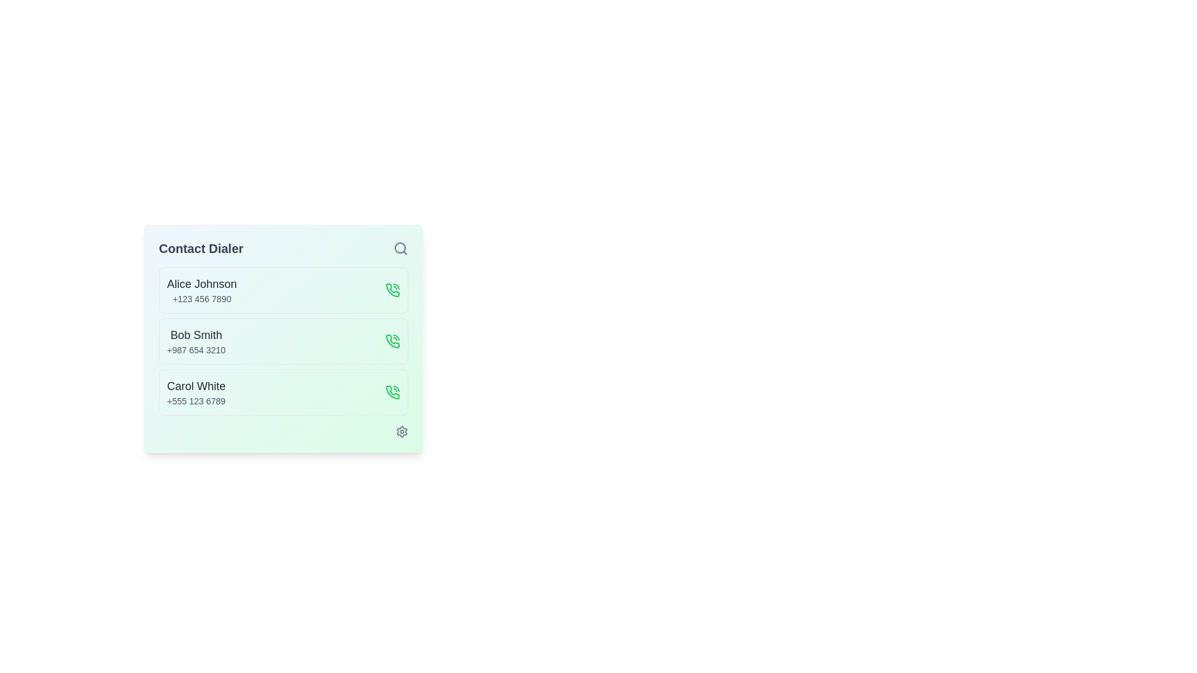 The image size is (1197, 673). I want to click on the call action icon next to Bob Smith's contact information to initiate a call, so click(392, 341).